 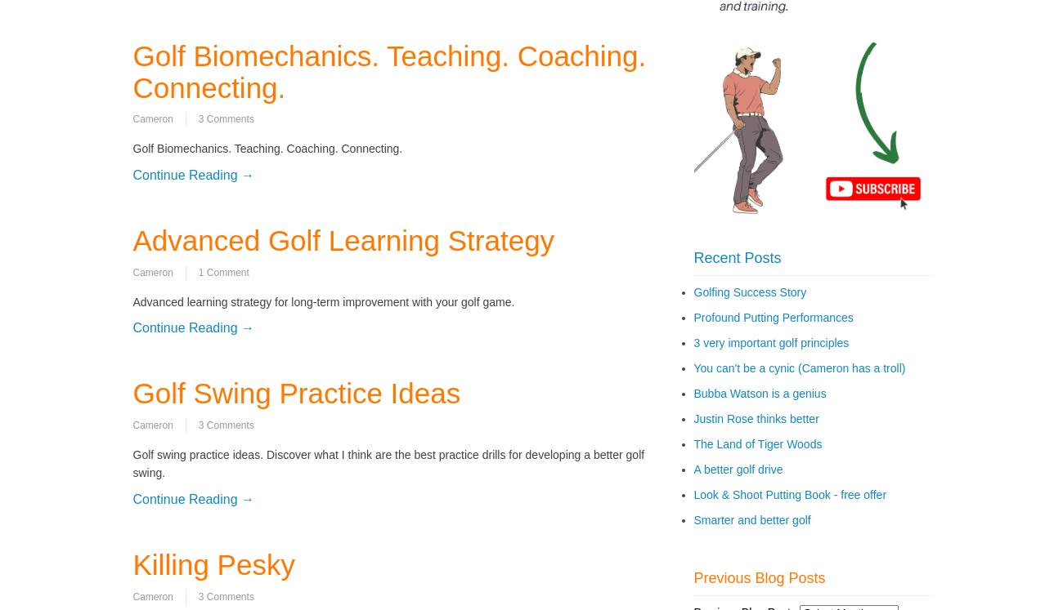 I want to click on 'Smarter and better golf', so click(x=751, y=519).